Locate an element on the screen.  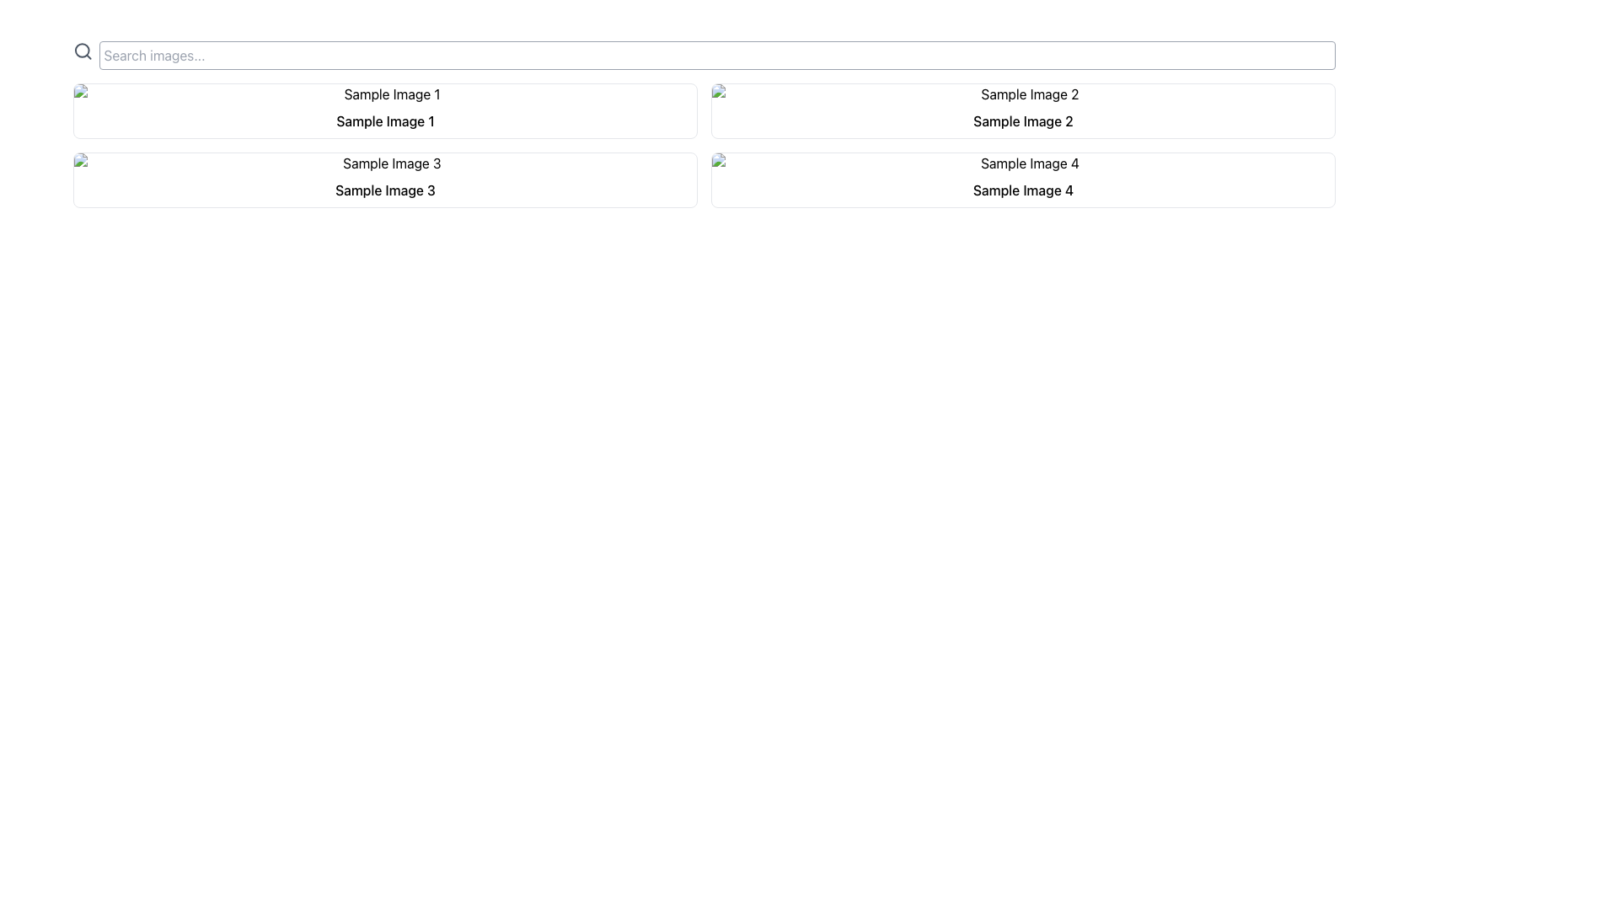
the text label reading 'Sample Image 4' located in the bottom-right grid area of a 2x2 layout, which is styled with medium font weight and centered alignment is located at coordinates (1022, 190).